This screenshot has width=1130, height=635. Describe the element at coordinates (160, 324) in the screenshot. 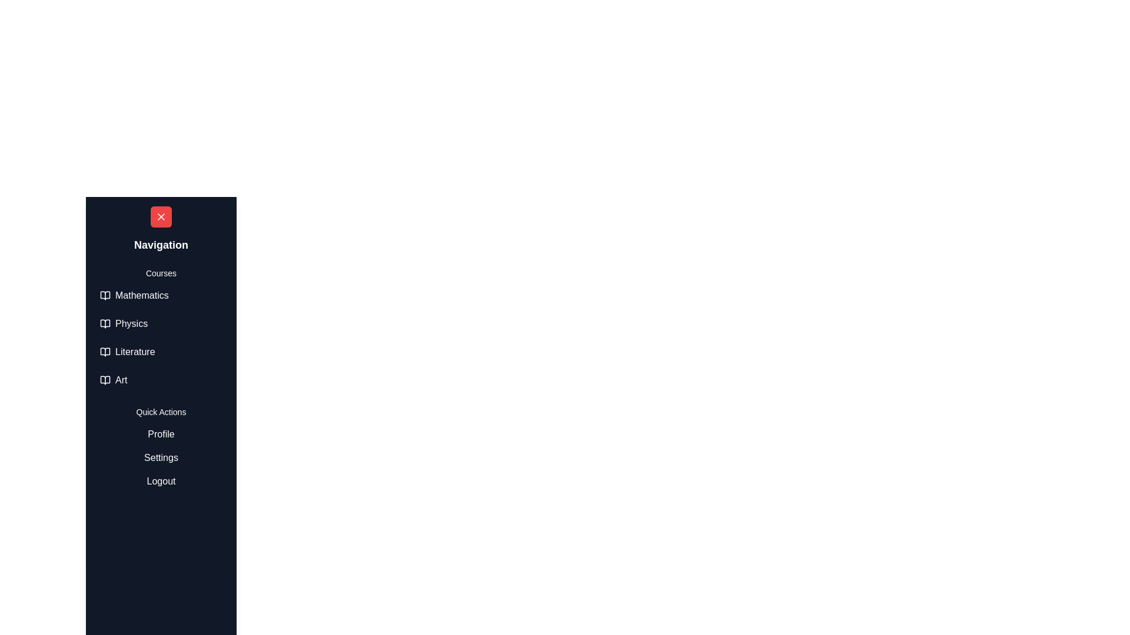

I see `the 'Physics' navigation list item located in the vertical sidebar under the 'Courses' section` at that location.